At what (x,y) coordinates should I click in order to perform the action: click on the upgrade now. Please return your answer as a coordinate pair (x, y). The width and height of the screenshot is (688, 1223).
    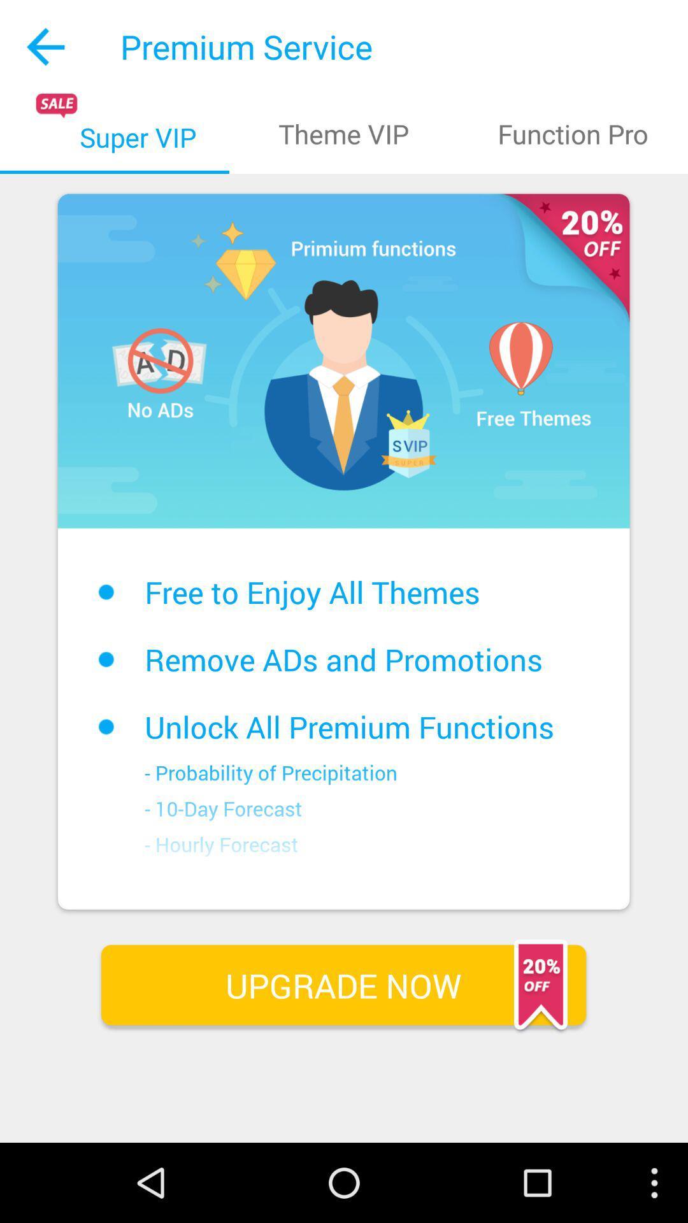
    Looking at the image, I should click on (343, 984).